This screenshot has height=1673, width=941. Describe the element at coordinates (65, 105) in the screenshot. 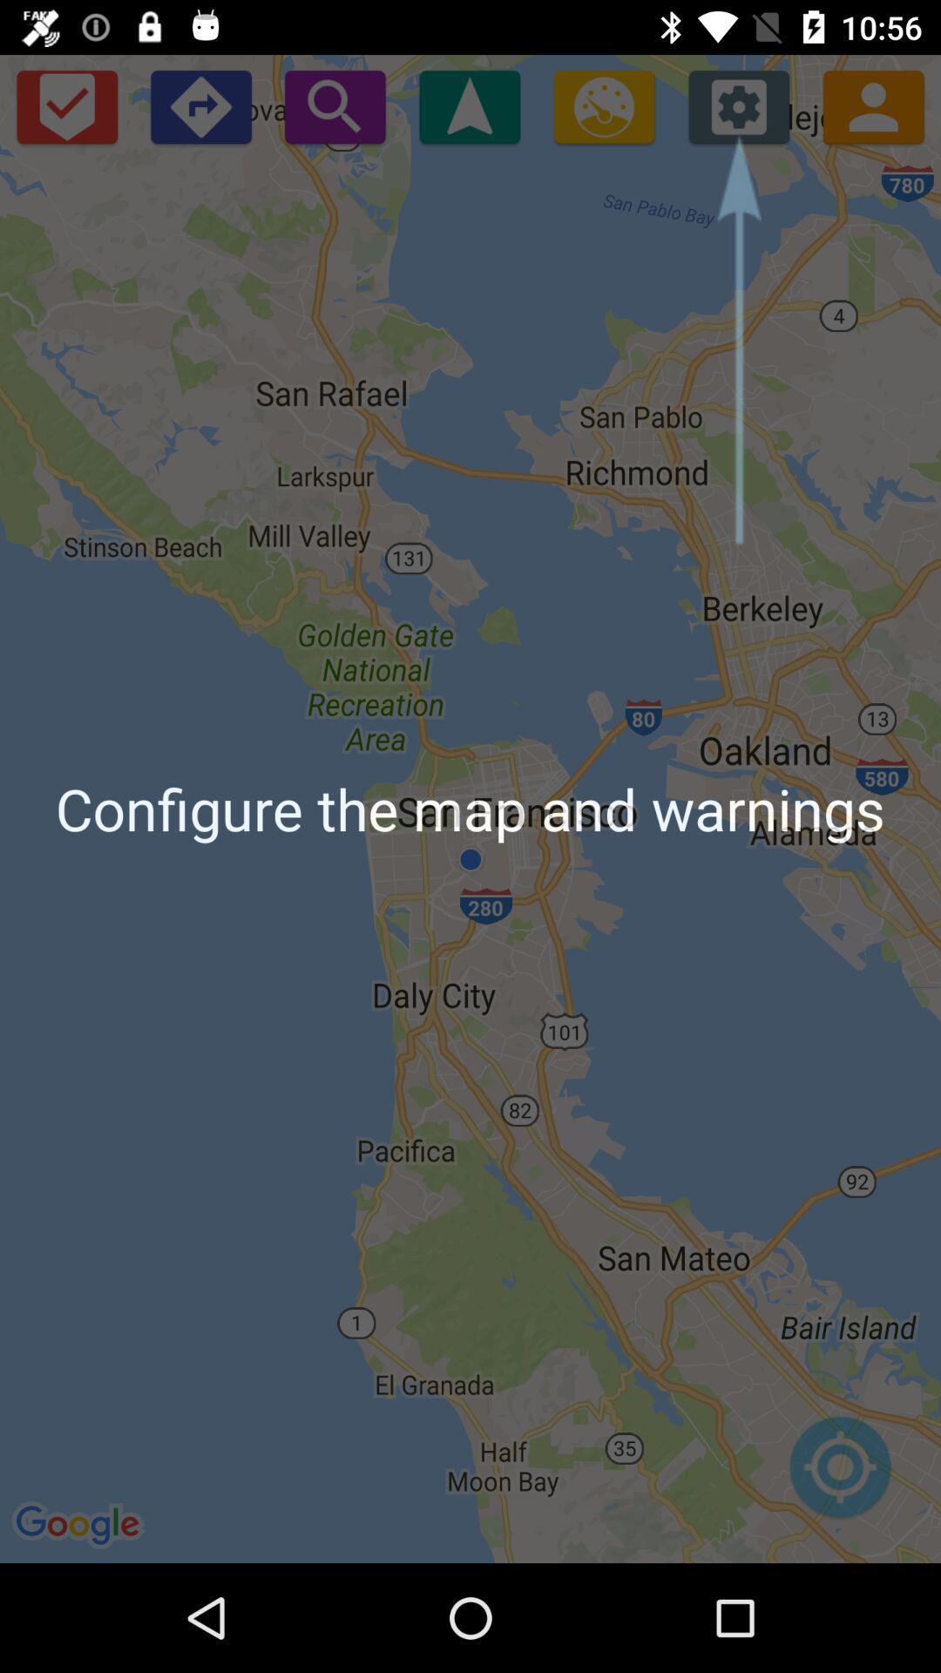

I see `icon above the configure the map item` at that location.